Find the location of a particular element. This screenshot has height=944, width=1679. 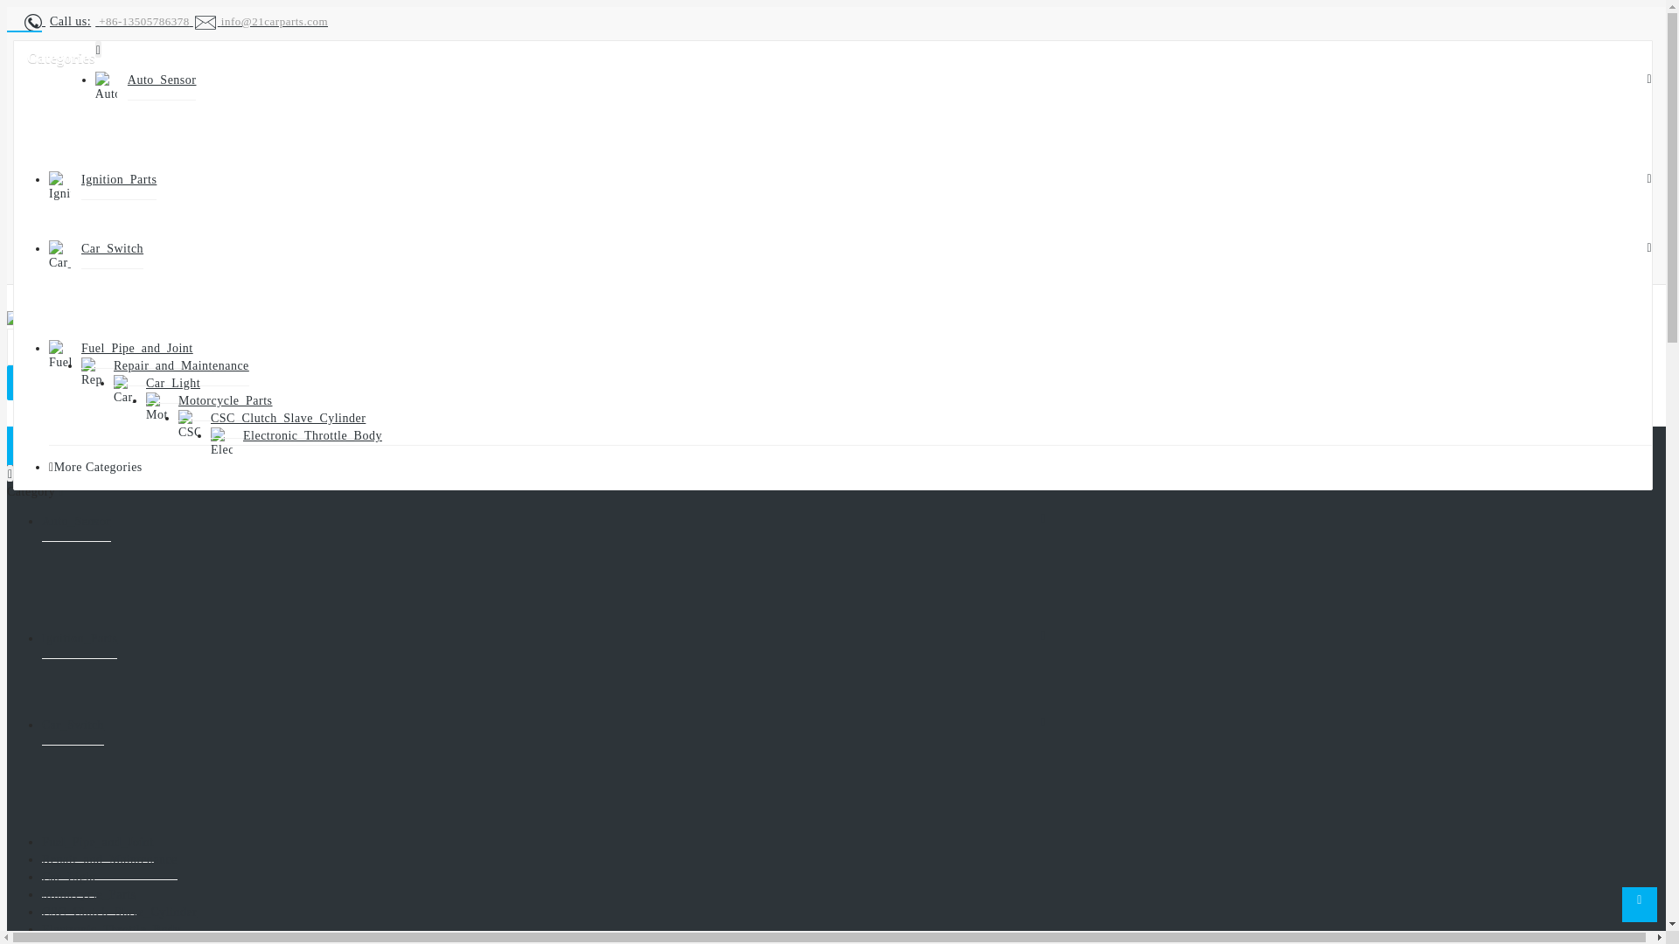

'CATEGORIES' is located at coordinates (75, 444).